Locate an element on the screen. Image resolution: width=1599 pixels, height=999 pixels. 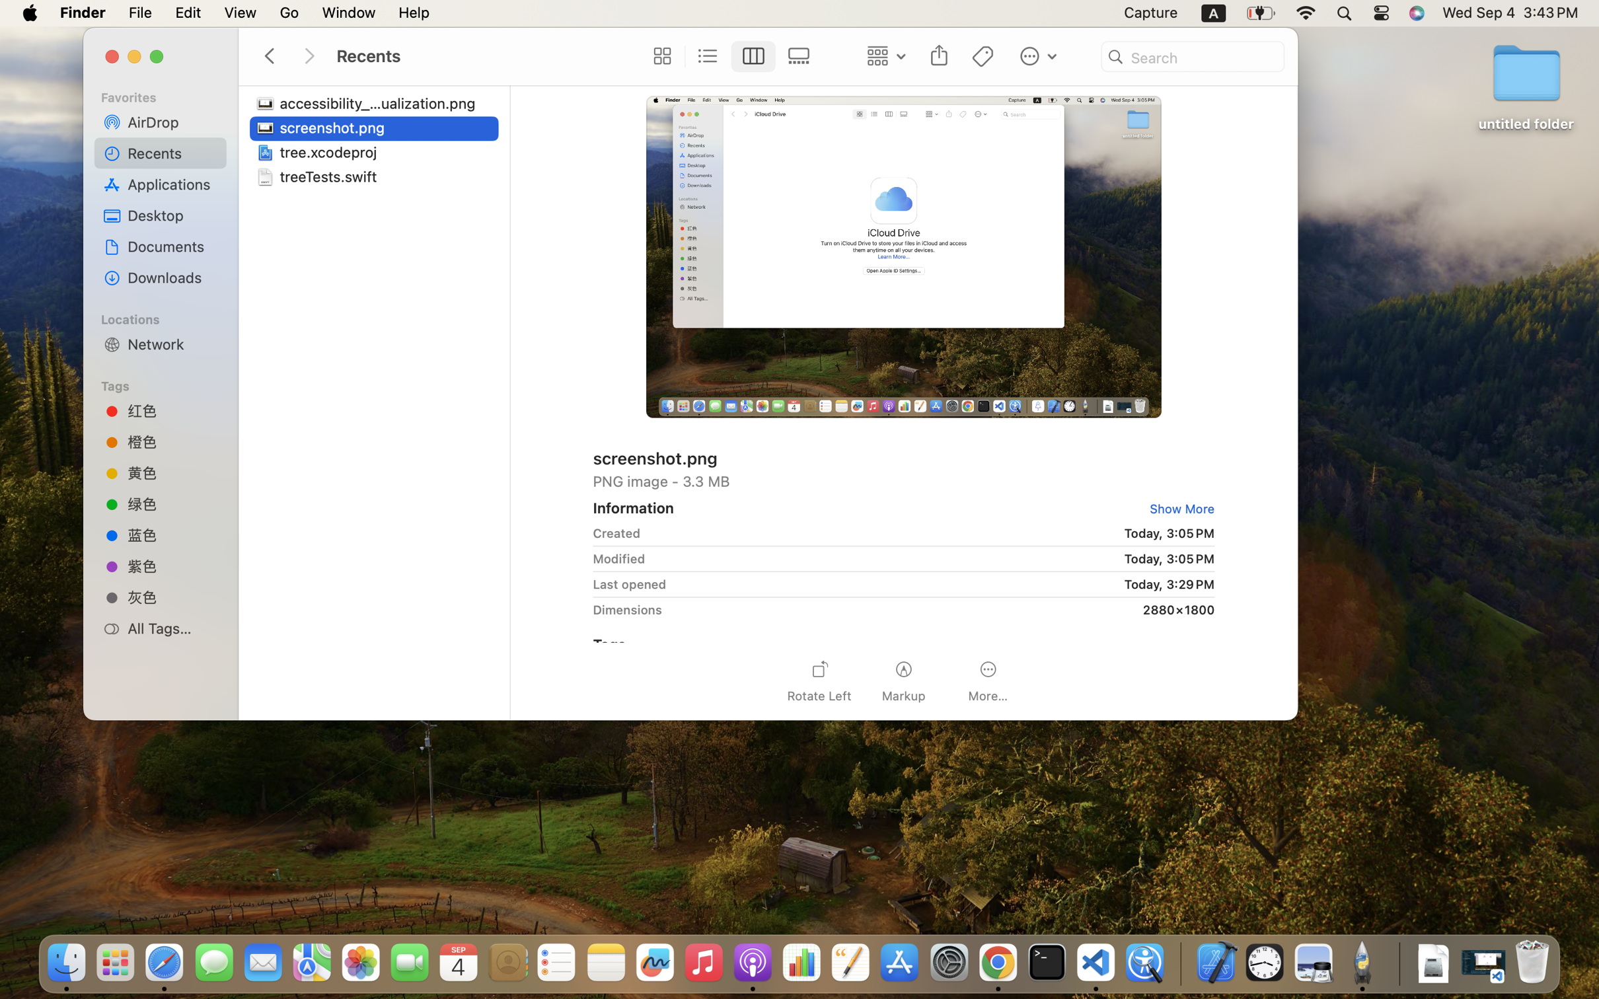
'Dimensions' is located at coordinates (628, 609).